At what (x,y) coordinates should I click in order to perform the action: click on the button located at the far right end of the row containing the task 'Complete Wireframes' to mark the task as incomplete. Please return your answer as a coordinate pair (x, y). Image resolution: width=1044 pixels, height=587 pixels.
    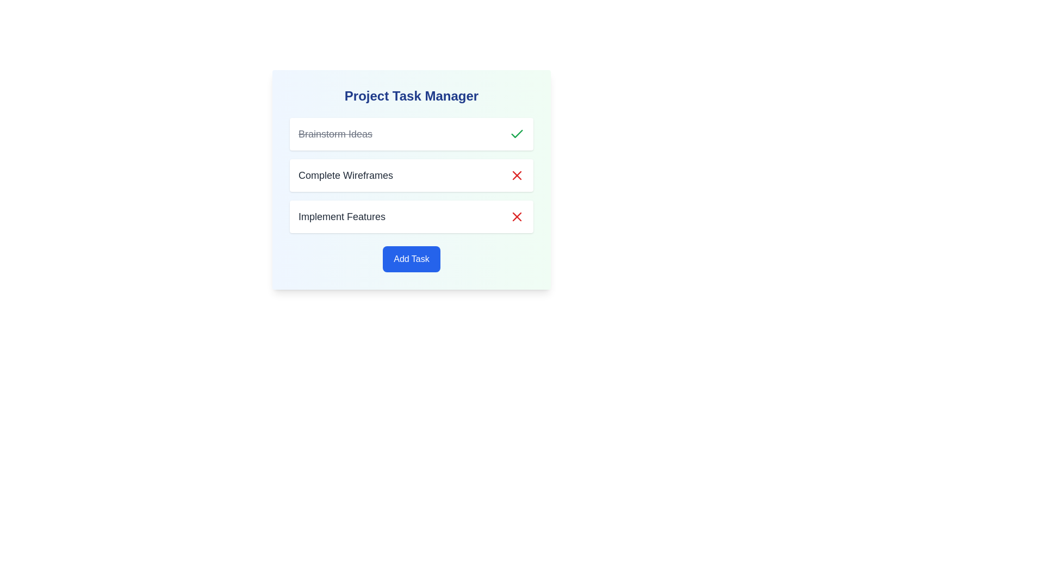
    Looking at the image, I should click on (516, 175).